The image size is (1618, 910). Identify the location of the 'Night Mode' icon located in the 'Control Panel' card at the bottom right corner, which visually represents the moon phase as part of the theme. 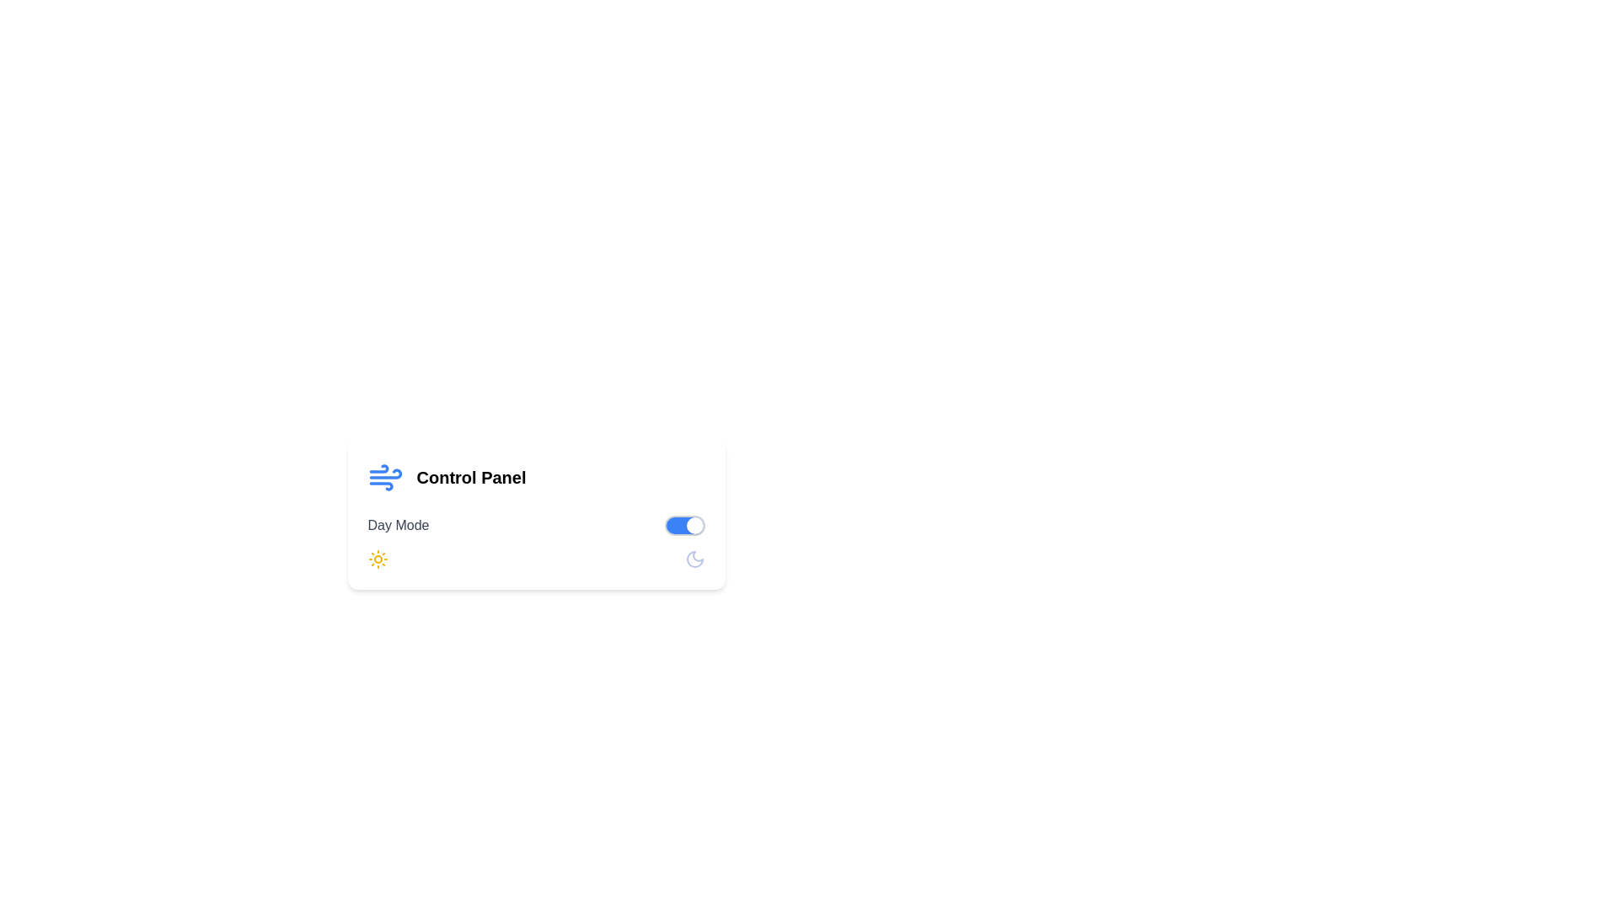
(694, 559).